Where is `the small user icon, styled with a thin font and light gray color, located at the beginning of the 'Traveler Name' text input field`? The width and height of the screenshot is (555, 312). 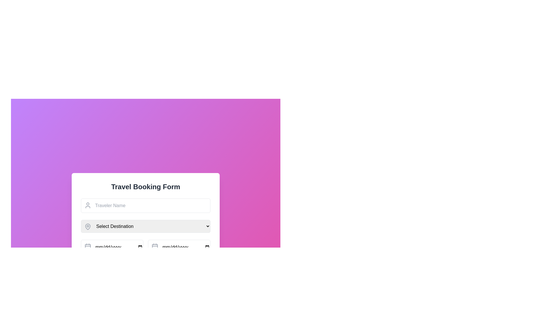
the small user icon, styled with a thin font and light gray color, located at the beginning of the 'Traveler Name' text input field is located at coordinates (87, 205).